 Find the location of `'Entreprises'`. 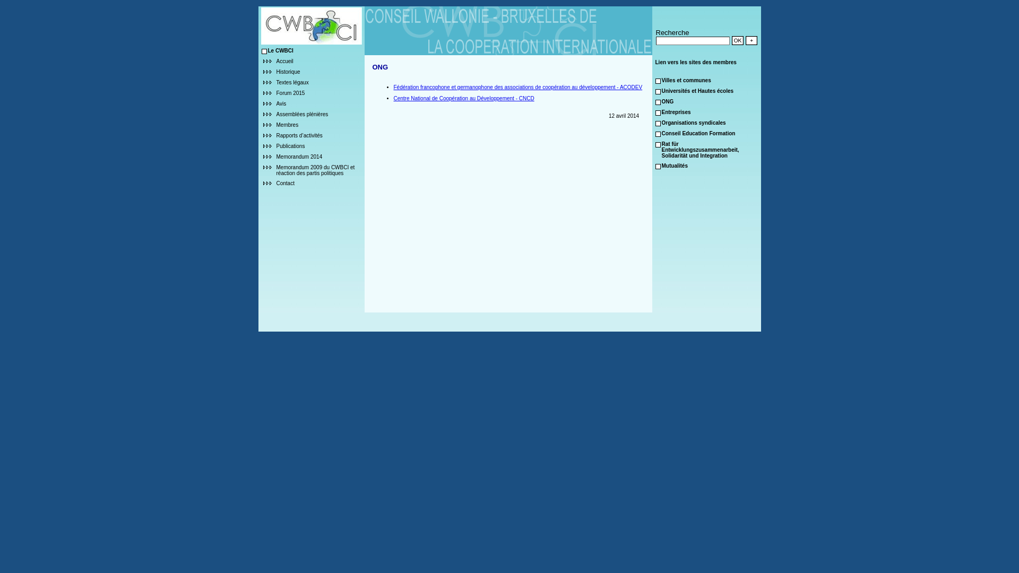

'Entreprises' is located at coordinates (675, 111).